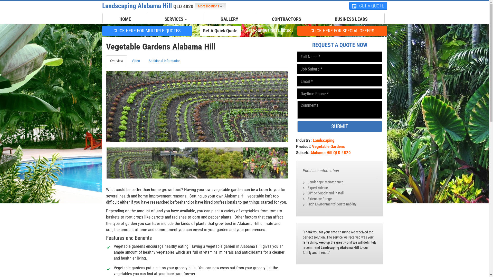 This screenshot has width=493, height=277. I want to click on 'CONTRACTORS', so click(286, 19).